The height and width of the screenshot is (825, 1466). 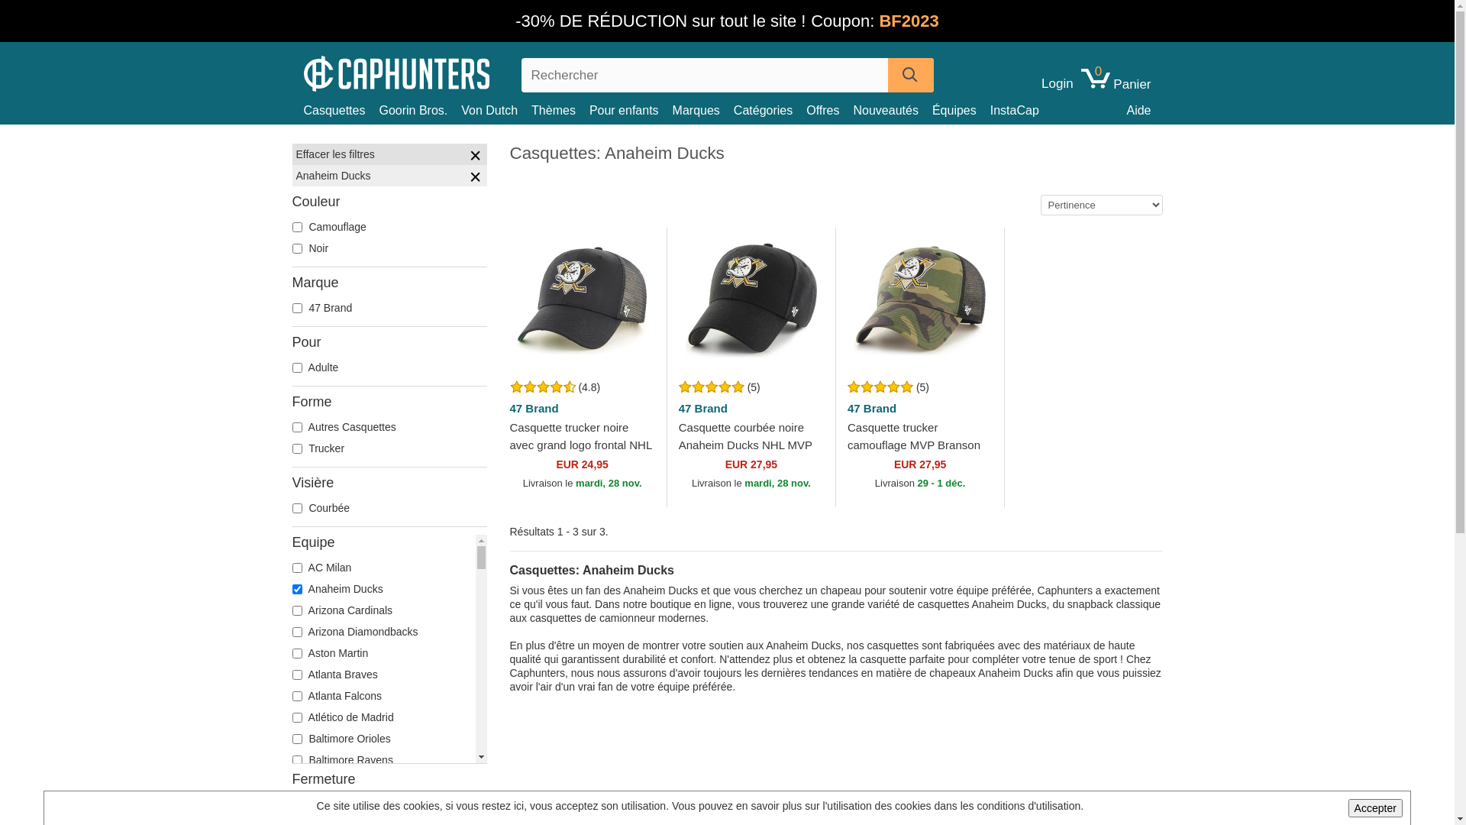 What do you see at coordinates (1022, 109) in the screenshot?
I see `'InstaCap'` at bounding box center [1022, 109].